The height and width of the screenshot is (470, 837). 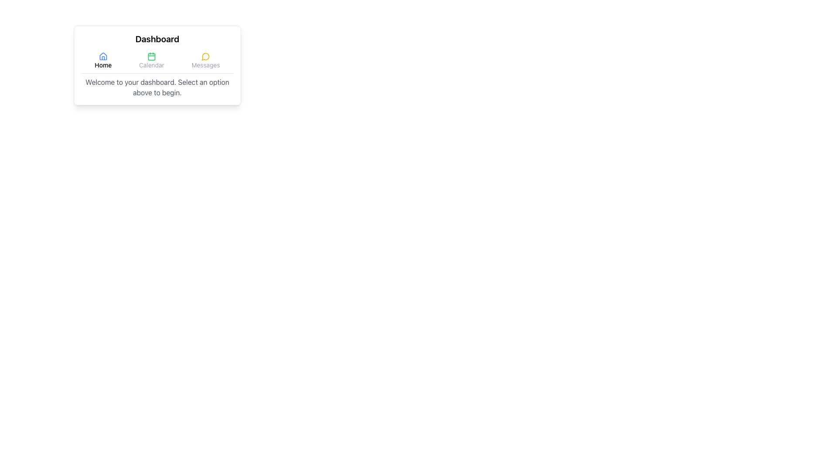 I want to click on the 'Messages' icon located at the topmost card labeled 'Dashboard', positioned directly above the 'Messages' label and to the right of the 'Home' and 'Calendar' sections, so click(x=205, y=57).